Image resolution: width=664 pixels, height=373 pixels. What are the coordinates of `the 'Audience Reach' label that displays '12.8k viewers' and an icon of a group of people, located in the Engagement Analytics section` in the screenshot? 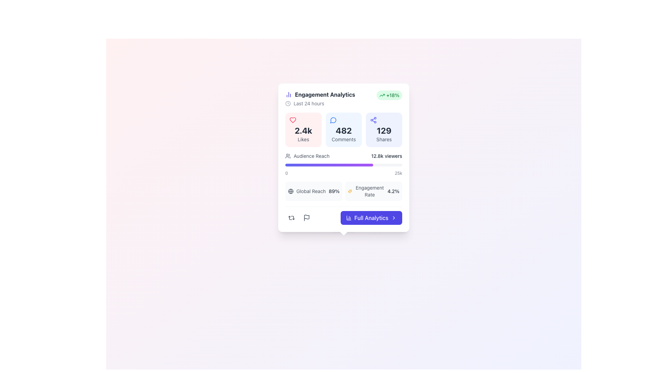 It's located at (307, 156).